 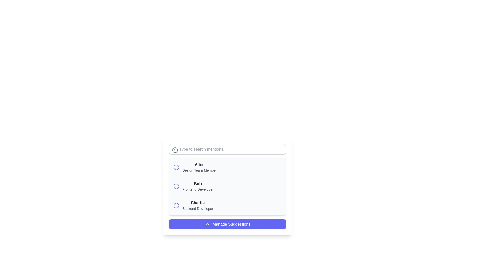 I want to click on the SVG Circle with a diameter of 20 units, located to the left of the text 'Alice Design Team Member', centered vertically with respect to the text, so click(x=176, y=167).